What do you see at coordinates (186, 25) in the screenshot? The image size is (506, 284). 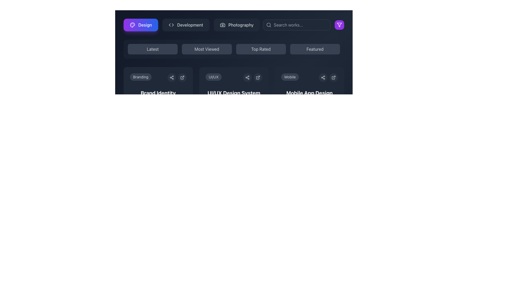 I see `the 'Development' button, which is the second button in a row of three, featuring a code icon on the left and medium-light gray text on a dark gray background` at bounding box center [186, 25].